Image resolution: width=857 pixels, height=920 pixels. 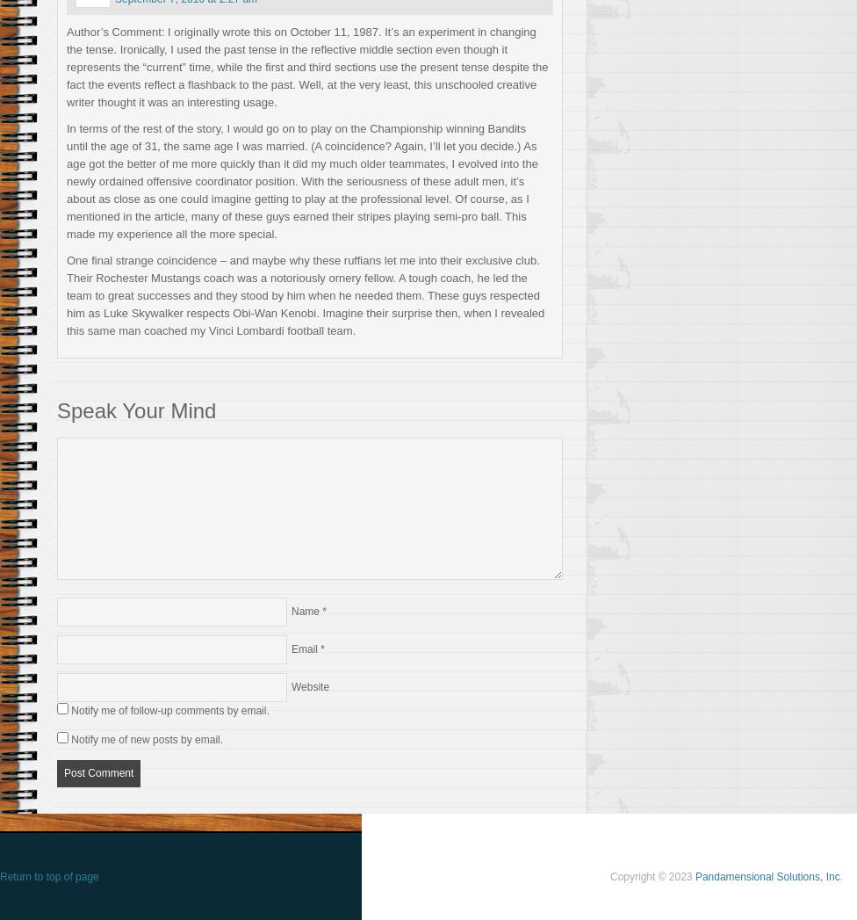 What do you see at coordinates (766, 874) in the screenshot?
I see `'Pandamensional Solutions, Inc'` at bounding box center [766, 874].